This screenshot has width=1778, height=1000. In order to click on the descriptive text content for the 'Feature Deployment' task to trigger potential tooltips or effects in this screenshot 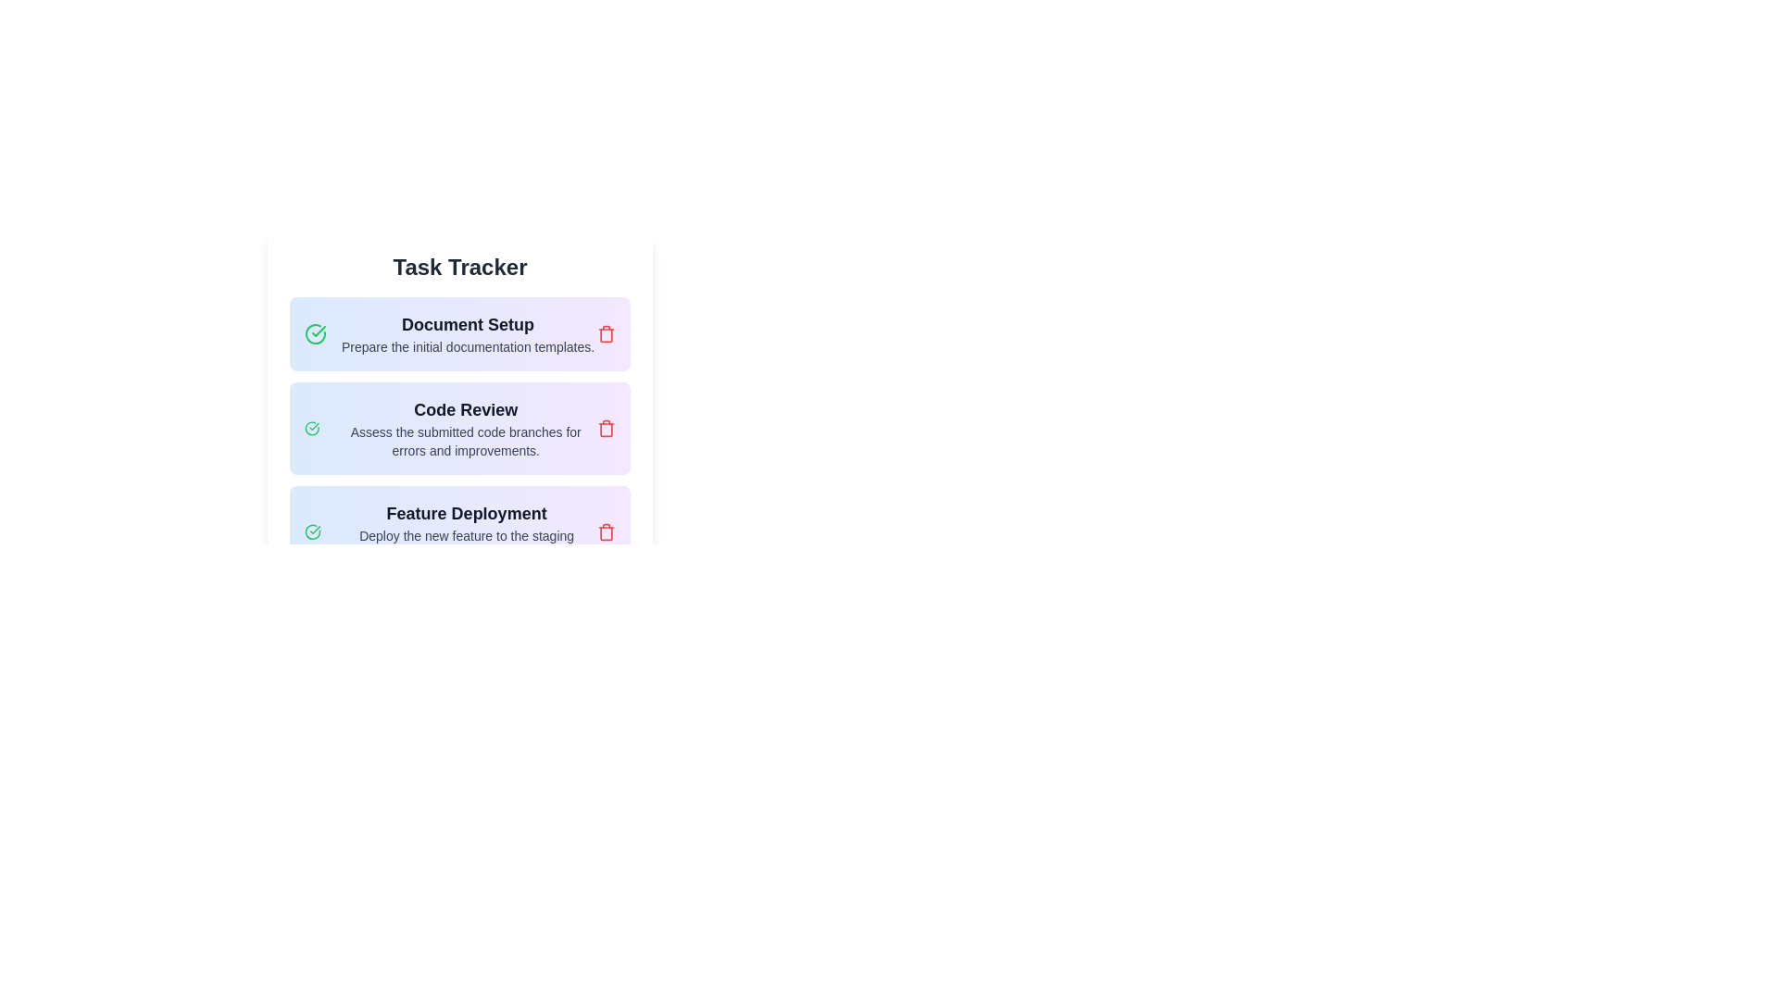, I will do `click(467, 544)`.